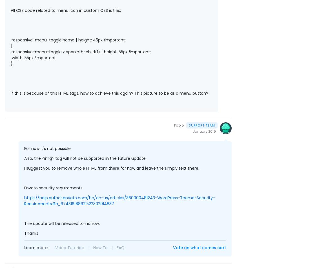 This screenshot has width=310, height=268. What do you see at coordinates (174, 125) in the screenshot?
I see `'Pablo'` at bounding box center [174, 125].